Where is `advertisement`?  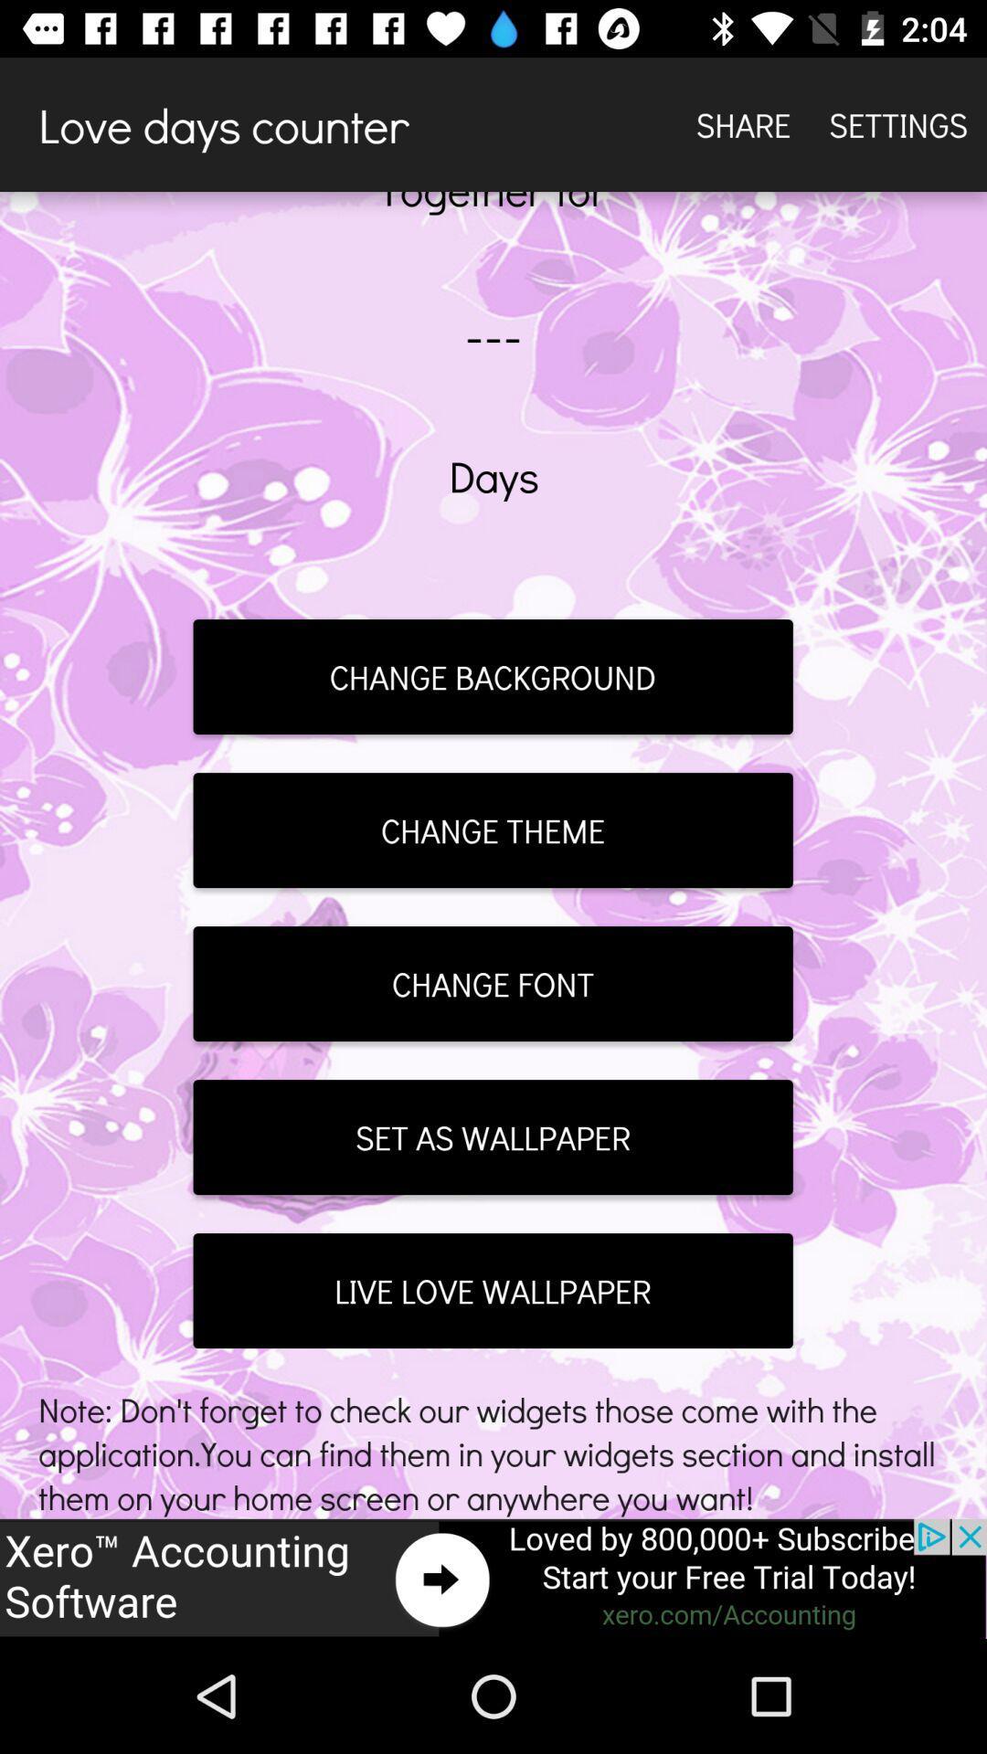
advertisement is located at coordinates (493, 1578).